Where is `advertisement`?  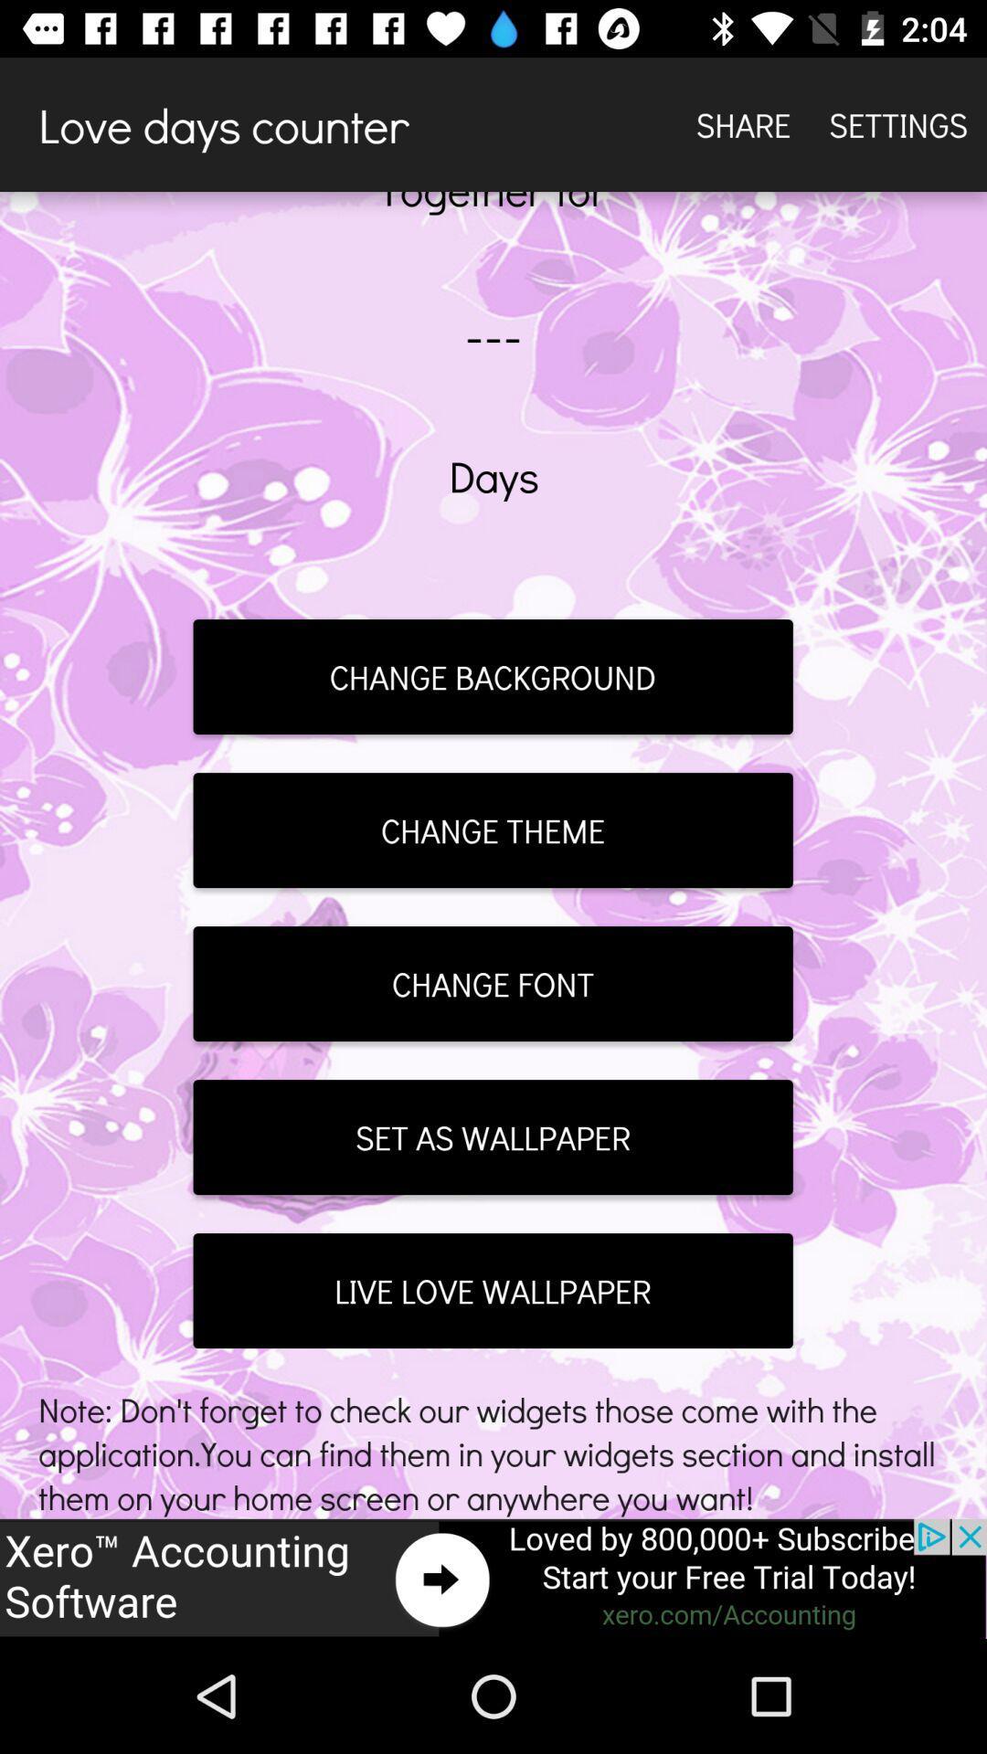
advertisement is located at coordinates (493, 1578).